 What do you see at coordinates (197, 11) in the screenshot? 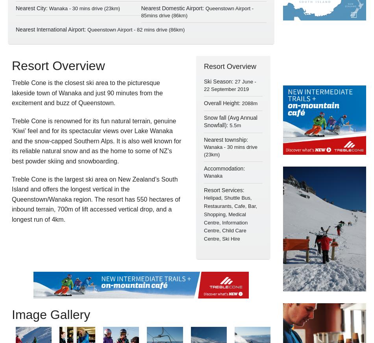
I see `'Queenstown Airport - 85mins drive (86km)'` at bounding box center [197, 11].